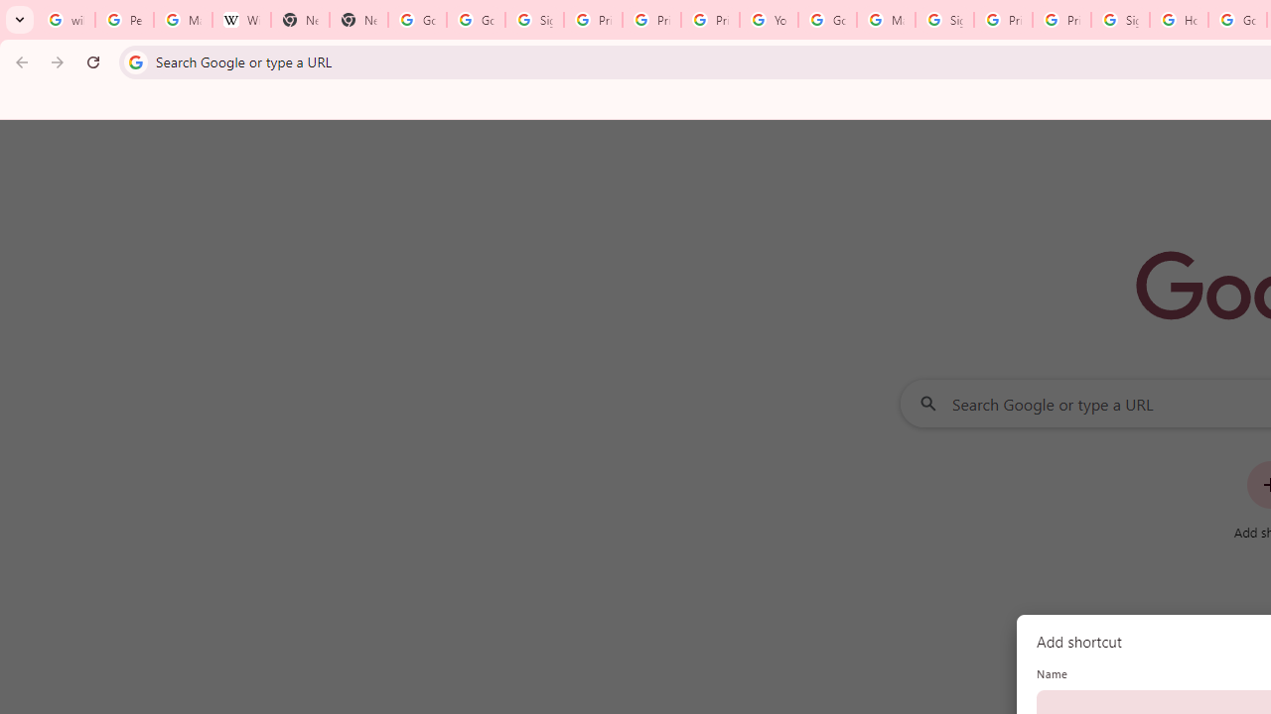 This screenshot has height=714, width=1271. What do you see at coordinates (240, 20) in the screenshot?
I see `'Wikipedia:Edit requests - Wikipedia'` at bounding box center [240, 20].